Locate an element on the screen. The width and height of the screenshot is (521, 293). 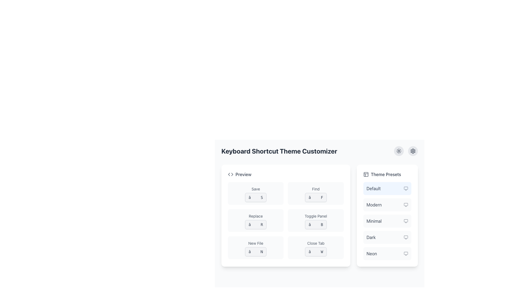
the gear icon, which is a circular icon with a light gray shade located in the top-right corner of the application is located at coordinates (412, 151).